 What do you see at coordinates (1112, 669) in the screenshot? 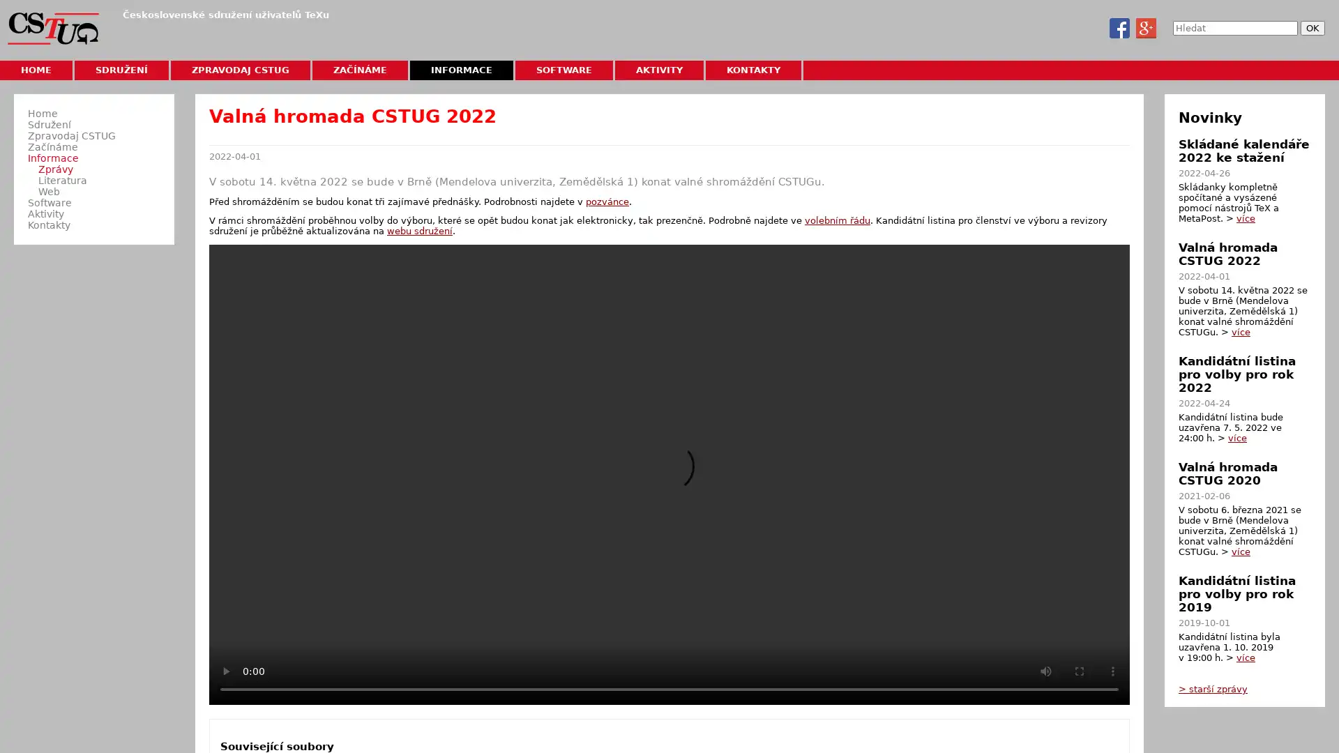
I see `show more media controls` at bounding box center [1112, 669].